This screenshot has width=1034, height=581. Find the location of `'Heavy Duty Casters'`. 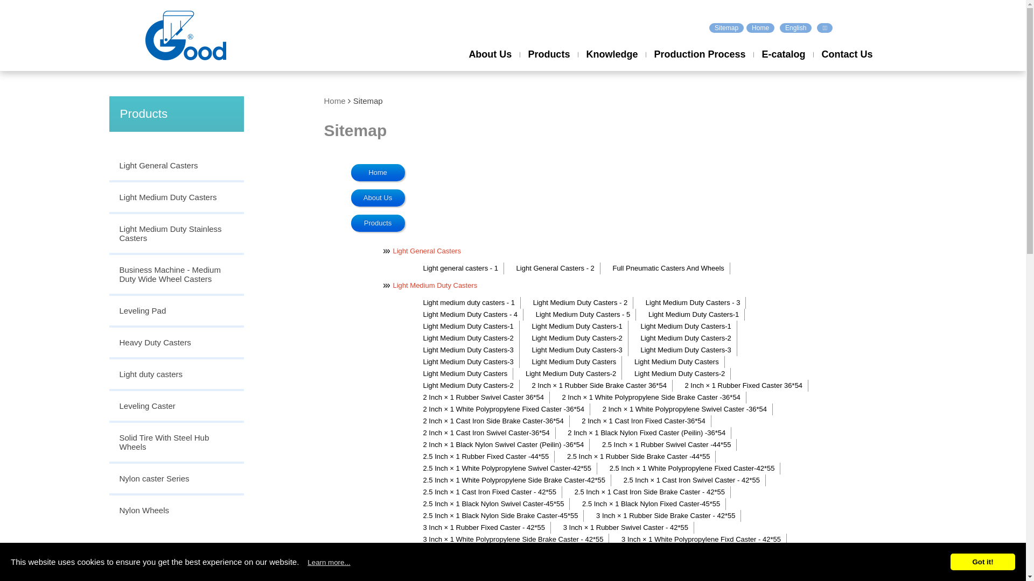

'Heavy Duty Casters' is located at coordinates (176, 343).